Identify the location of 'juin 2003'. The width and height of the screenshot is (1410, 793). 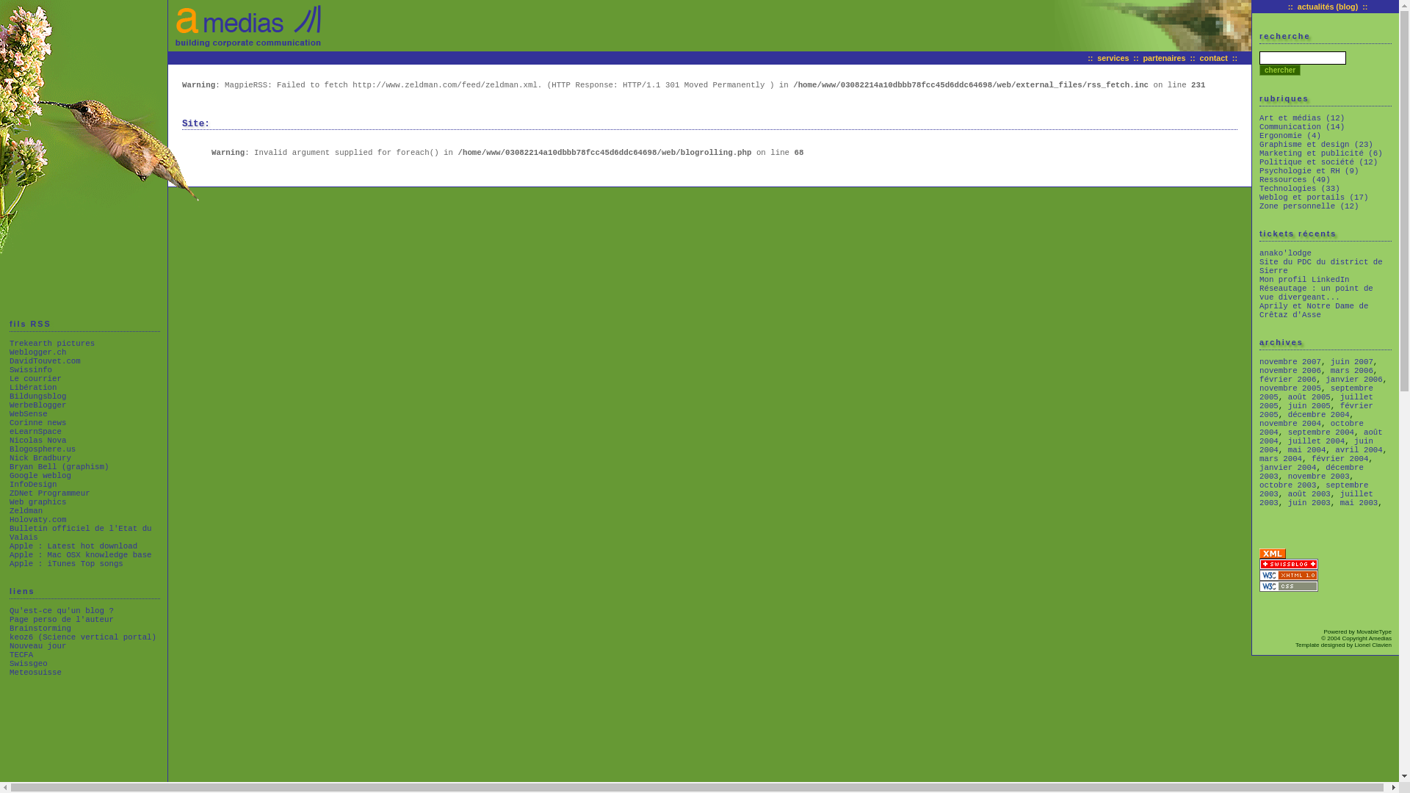
(1287, 502).